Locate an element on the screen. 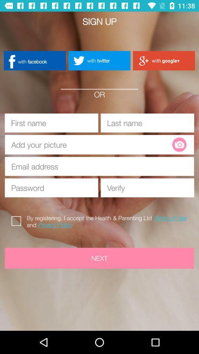 The height and width of the screenshot is (354, 199). icon next to the by registering i app is located at coordinates (18, 220).